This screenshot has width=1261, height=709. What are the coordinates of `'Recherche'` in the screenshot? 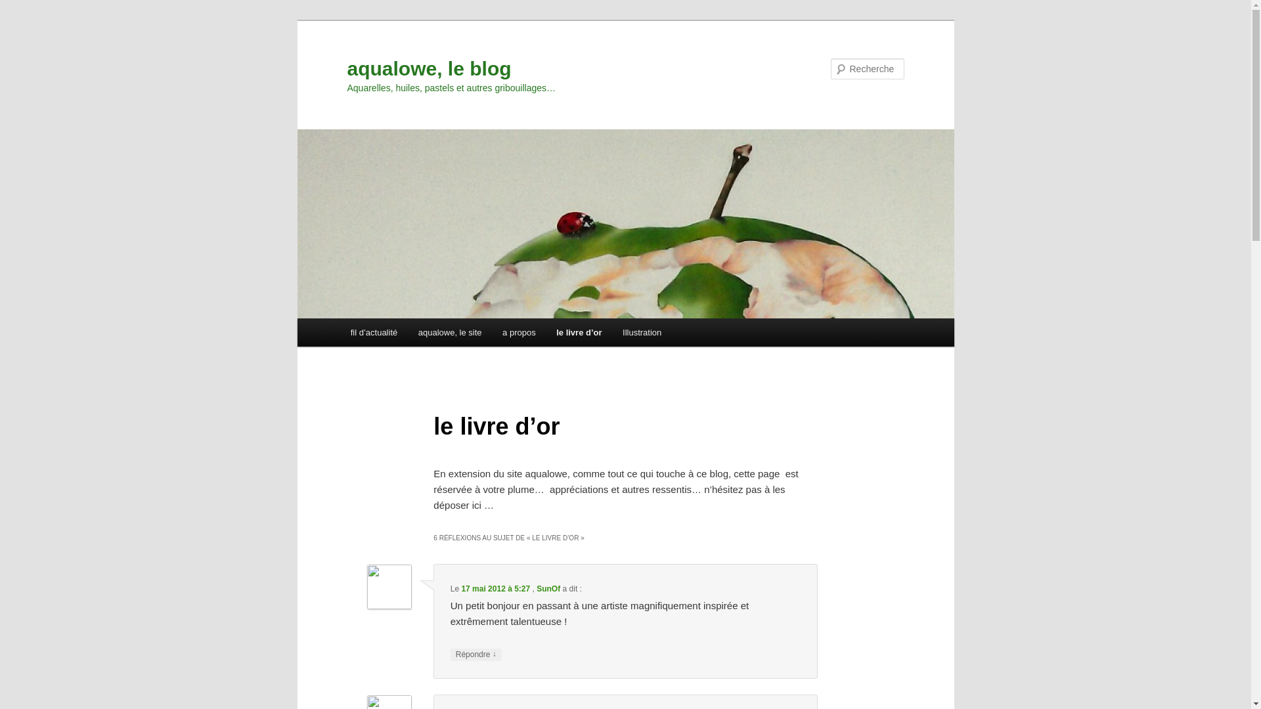 It's located at (29, 7).